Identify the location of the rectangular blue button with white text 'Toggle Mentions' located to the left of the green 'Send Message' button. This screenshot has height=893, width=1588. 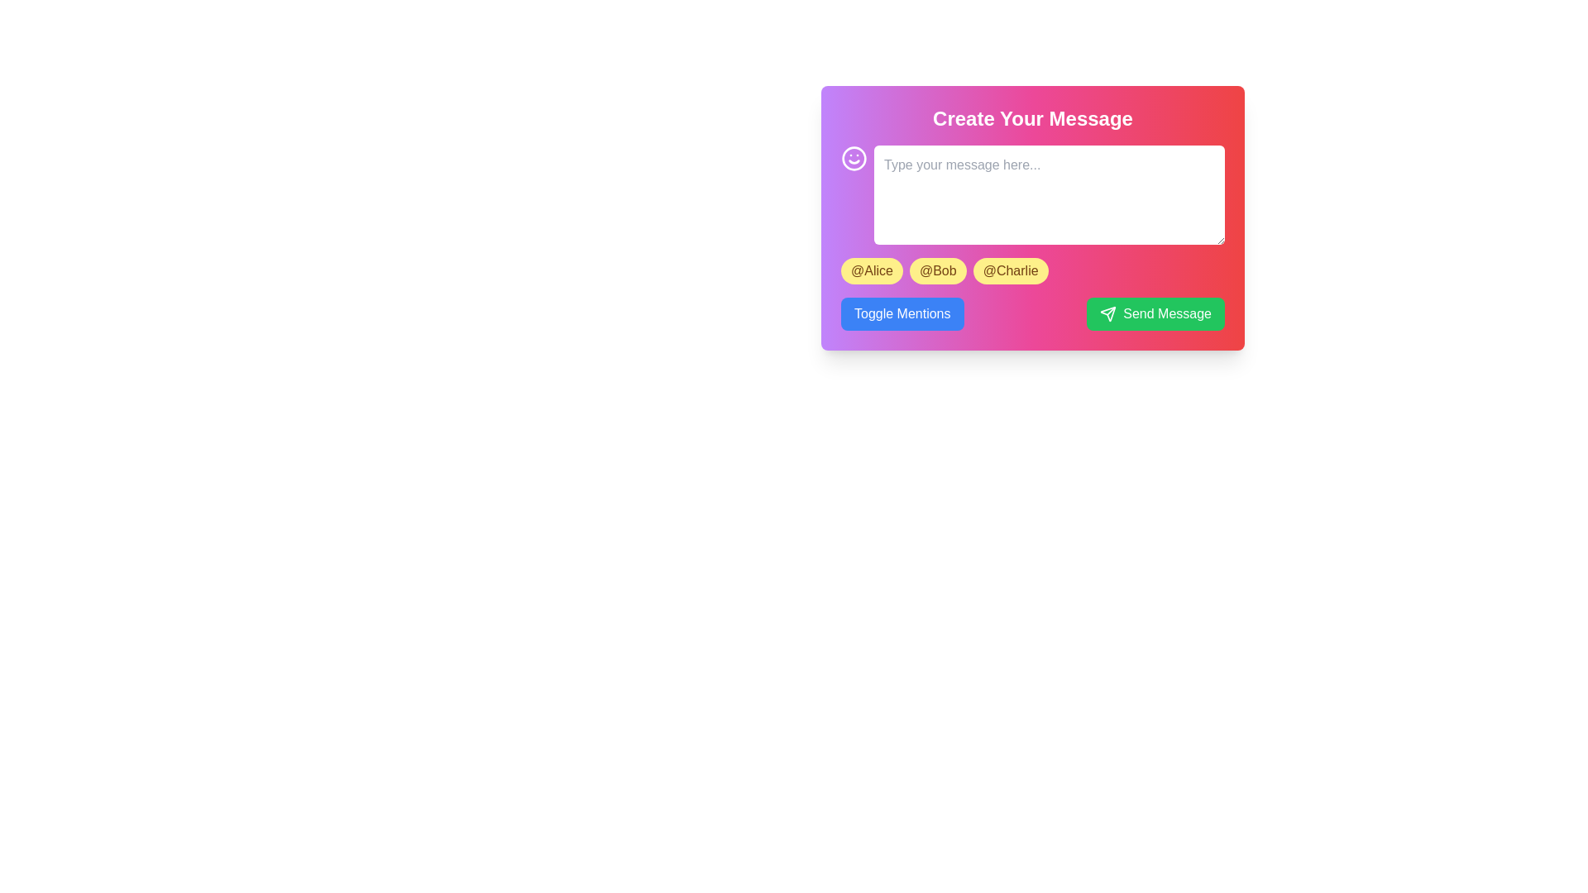
(902, 314).